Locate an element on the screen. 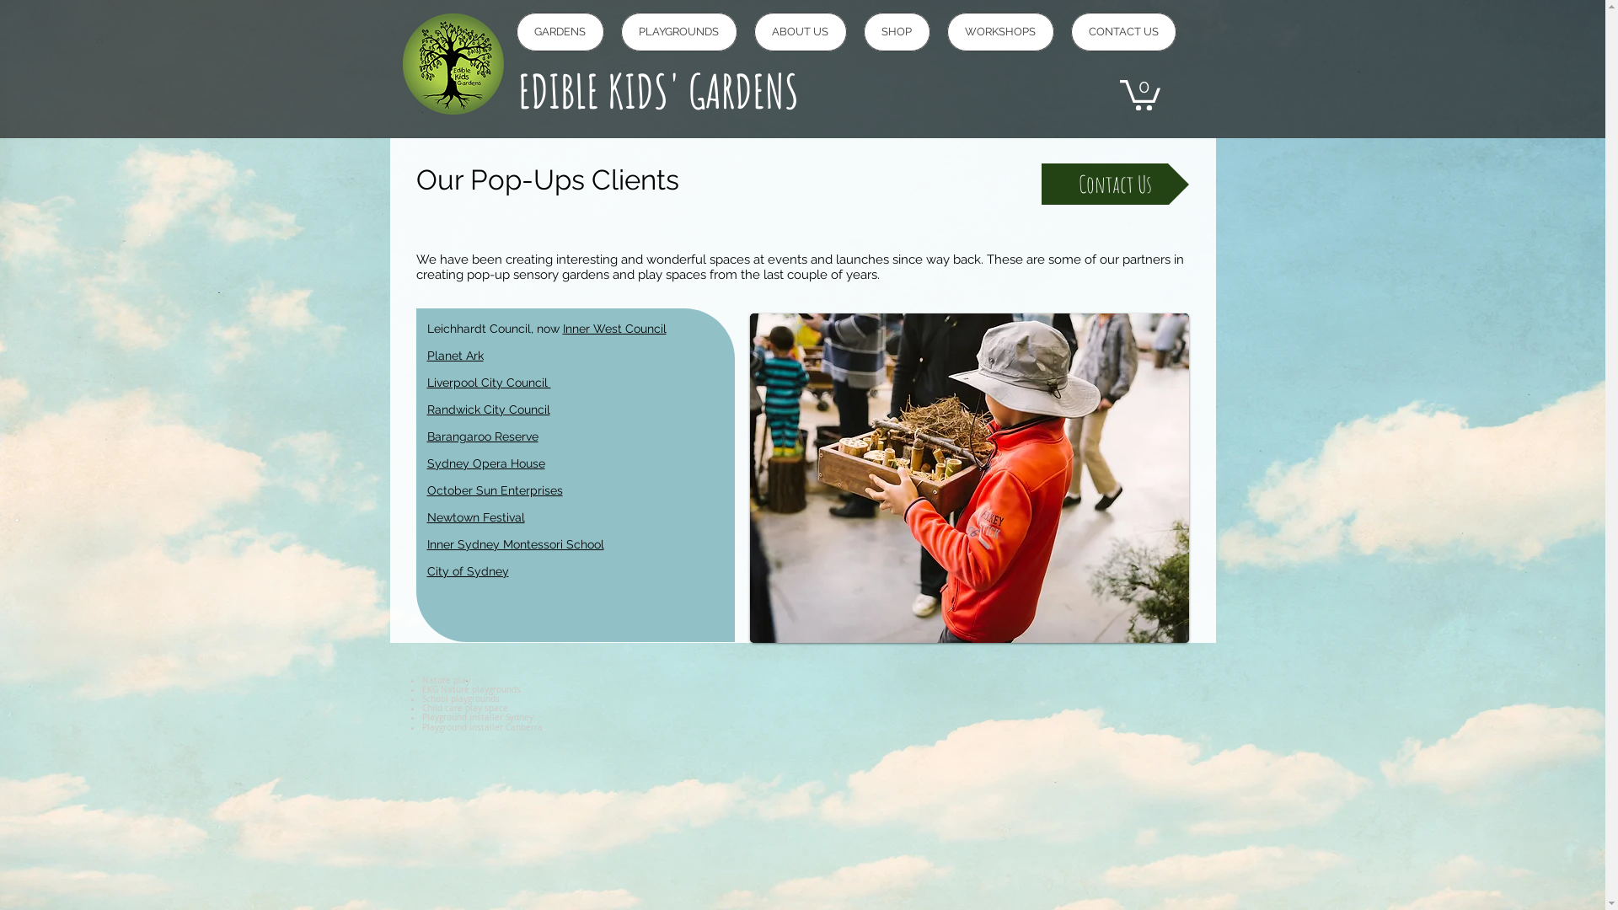  'Contact Us' is located at coordinates (1115, 184).